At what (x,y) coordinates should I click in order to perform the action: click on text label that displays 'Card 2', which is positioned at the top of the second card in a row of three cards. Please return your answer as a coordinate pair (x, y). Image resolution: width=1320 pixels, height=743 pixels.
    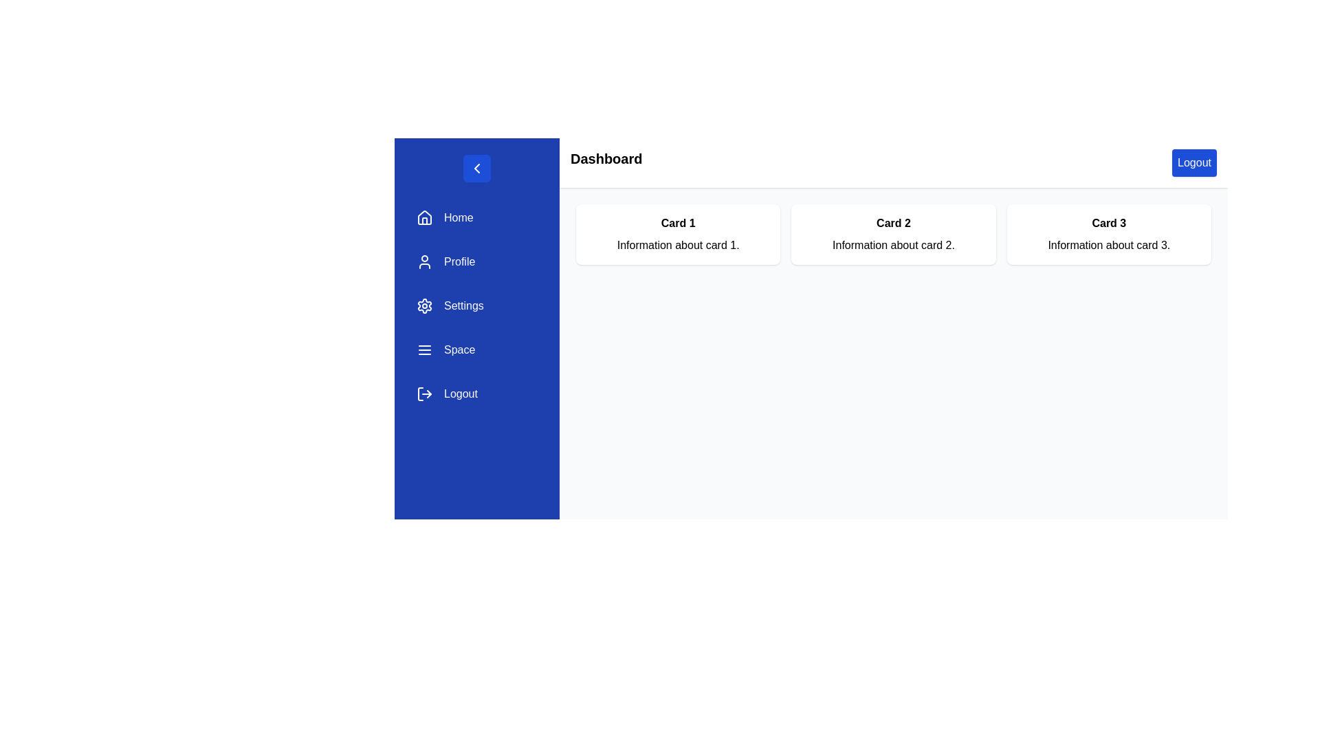
    Looking at the image, I should click on (894, 222).